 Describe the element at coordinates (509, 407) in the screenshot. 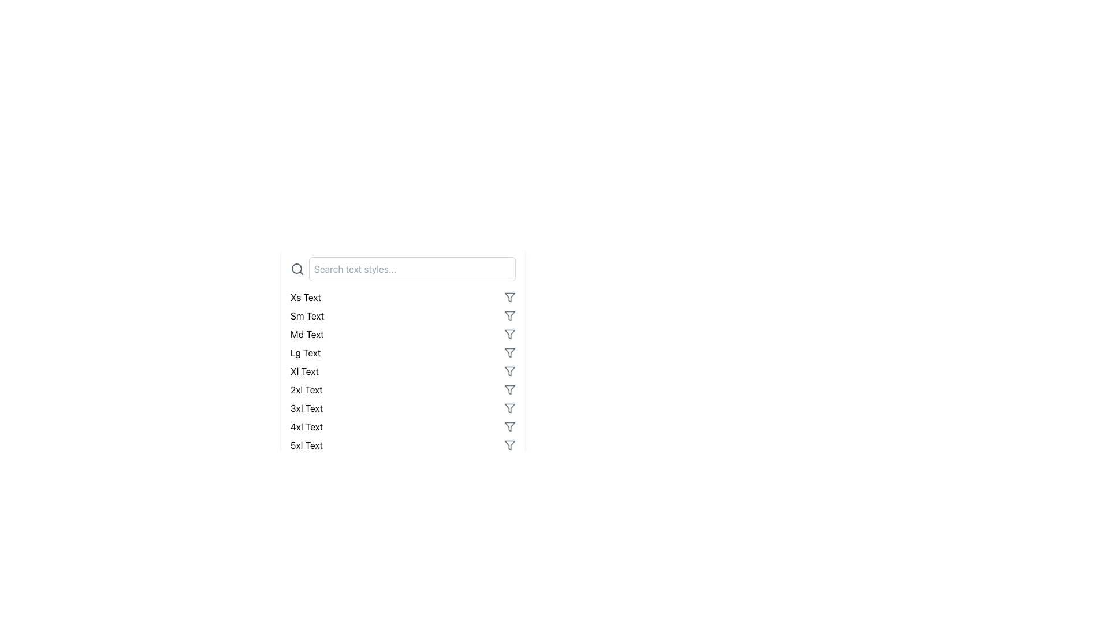

I see `the small triangular-shaped filter icon located to the right of the '3xl Text' label` at that location.